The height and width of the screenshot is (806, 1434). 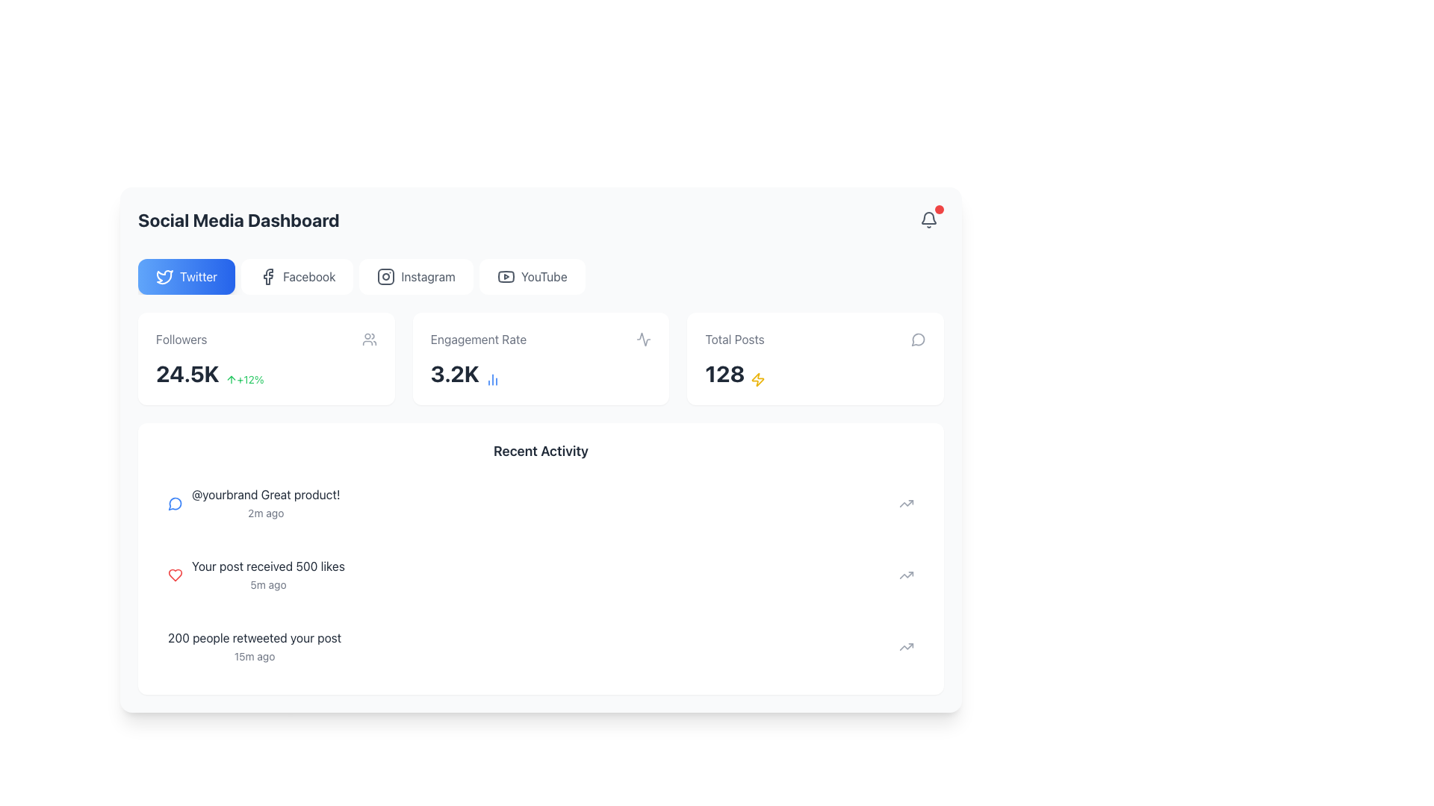 What do you see at coordinates (386, 276) in the screenshot?
I see `the appearance of the rounded rectangular background shape located inside the Instagram button, which serves as its border or background` at bounding box center [386, 276].